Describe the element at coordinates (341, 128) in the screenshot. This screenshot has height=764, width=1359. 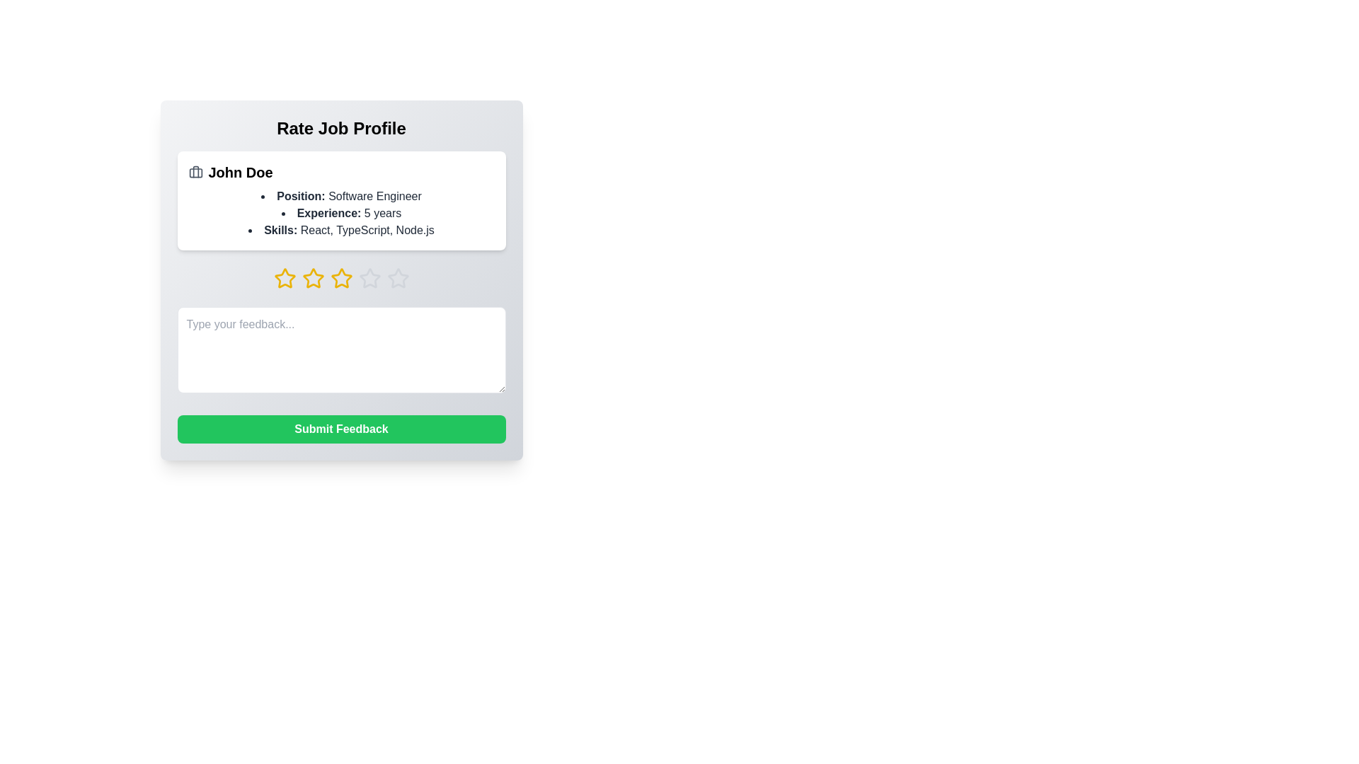
I see `text content of the title or heading located at the top section of the user profile evaluation panel` at that location.